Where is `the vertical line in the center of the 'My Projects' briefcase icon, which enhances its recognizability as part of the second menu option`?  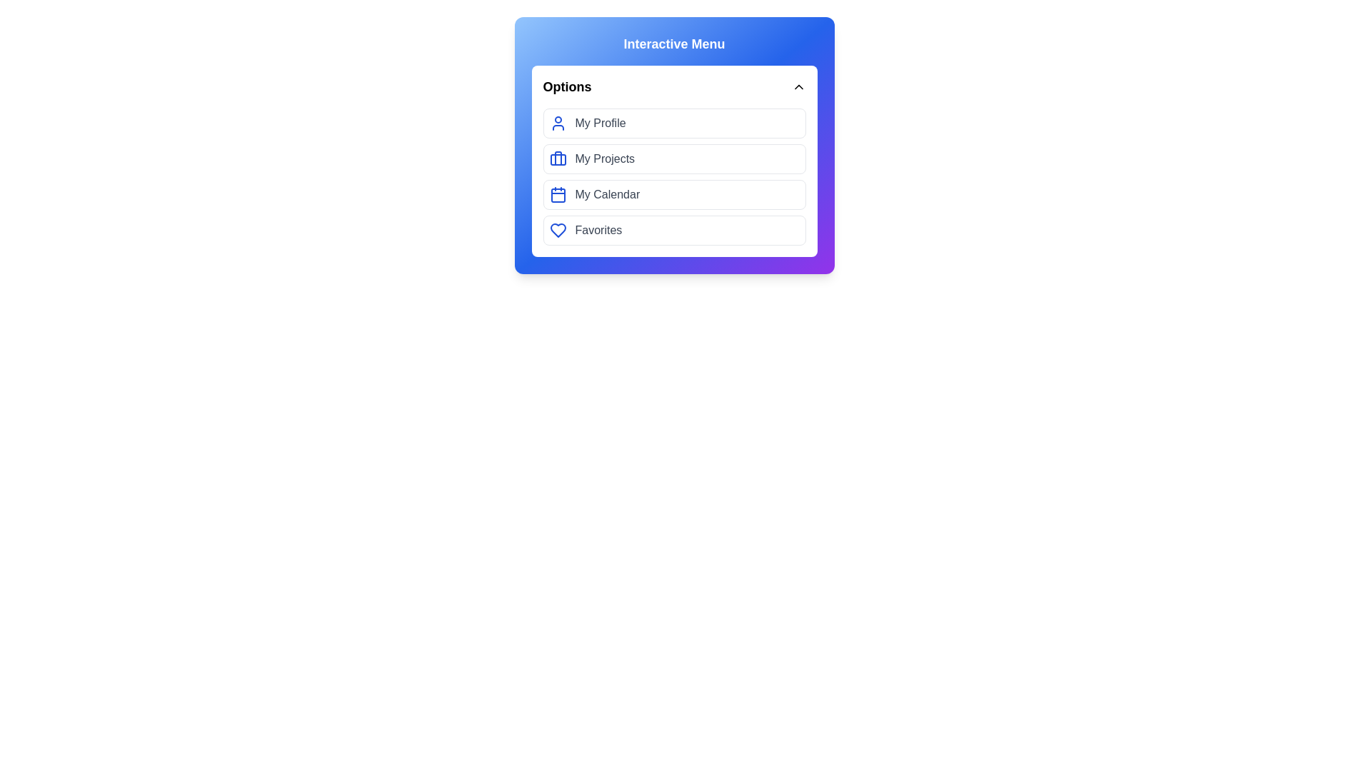
the vertical line in the center of the 'My Projects' briefcase icon, which enhances its recognizability as part of the second menu option is located at coordinates (557, 158).